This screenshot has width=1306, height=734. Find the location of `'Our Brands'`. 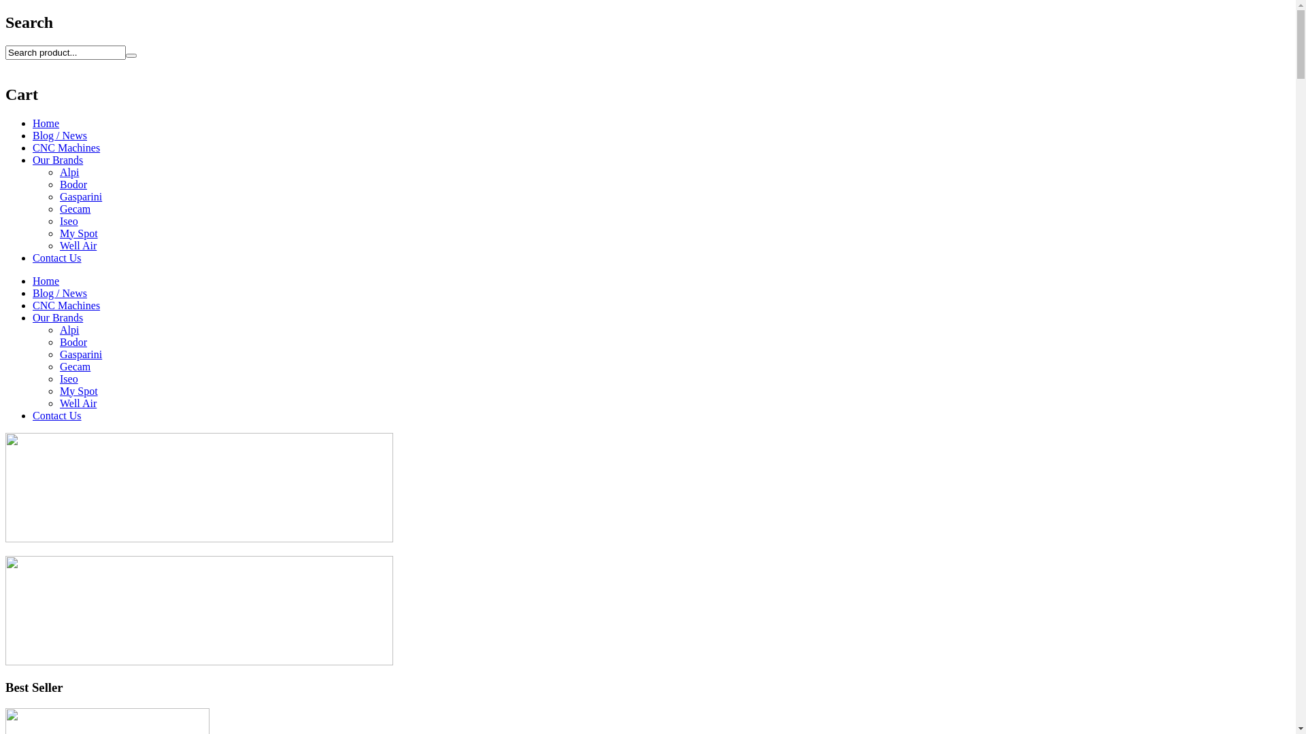

'Our Brands' is located at coordinates (33, 317).